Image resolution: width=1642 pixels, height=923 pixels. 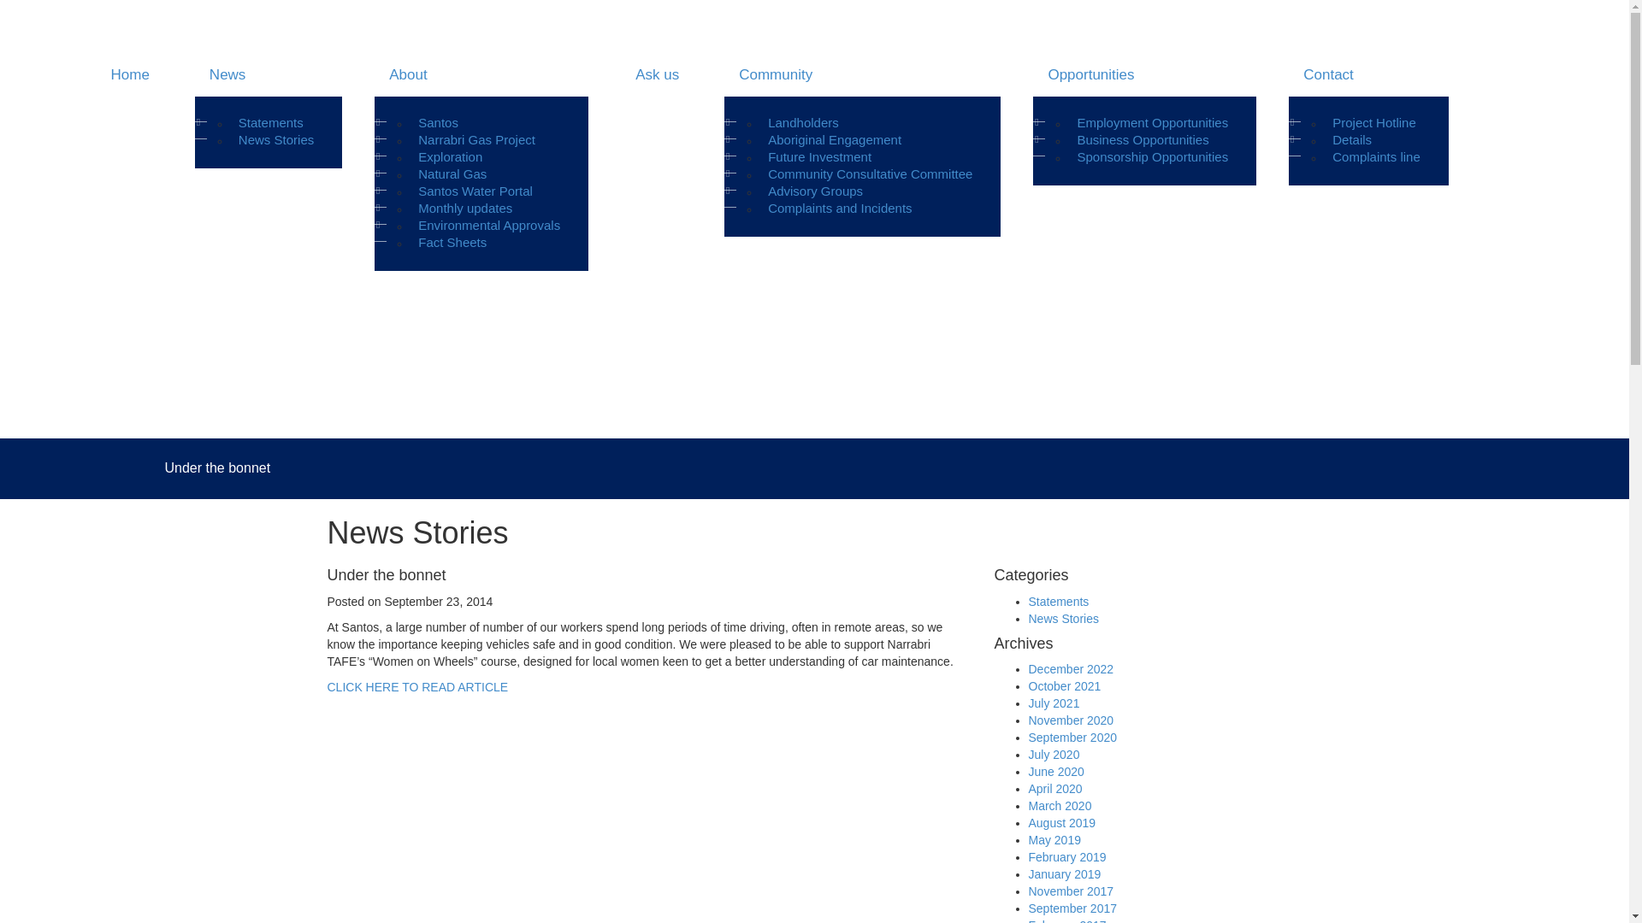 I want to click on 'August 2019', so click(x=1060, y=822).